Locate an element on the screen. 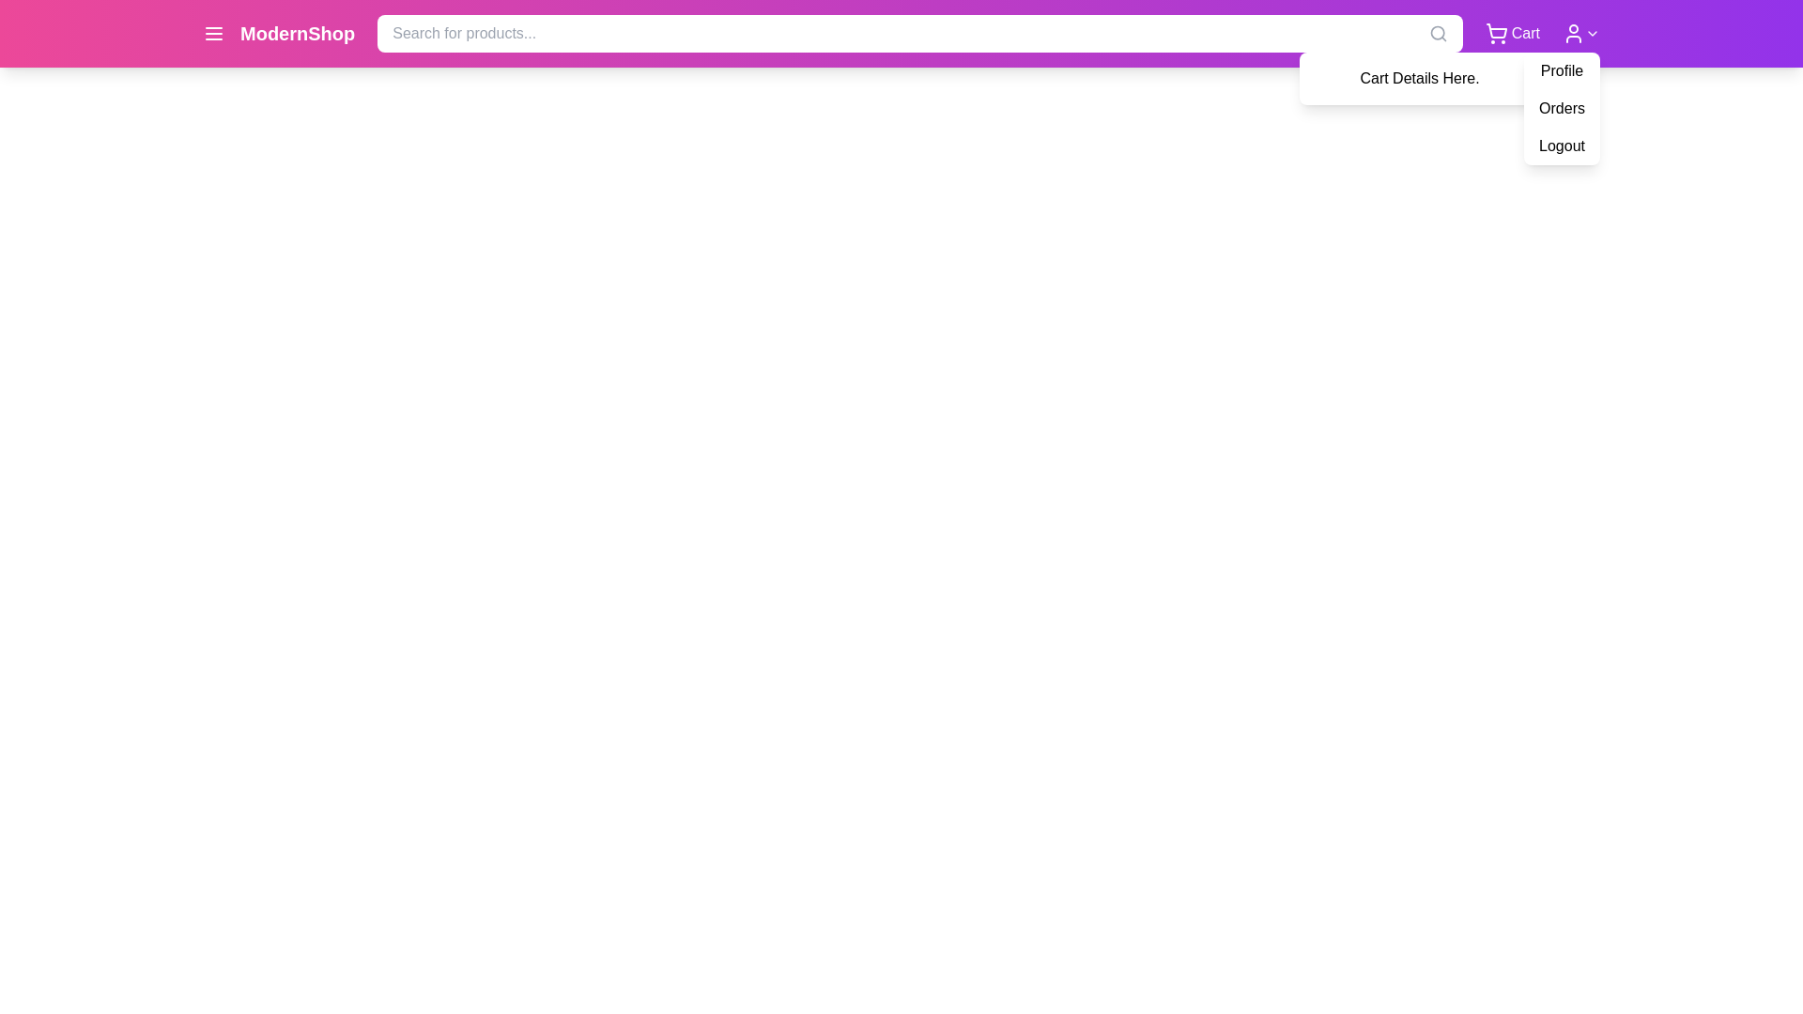 This screenshot has width=1803, height=1014. the gray magnifying glass icon located on the right-hand side of the search bar is located at coordinates (1437, 33).